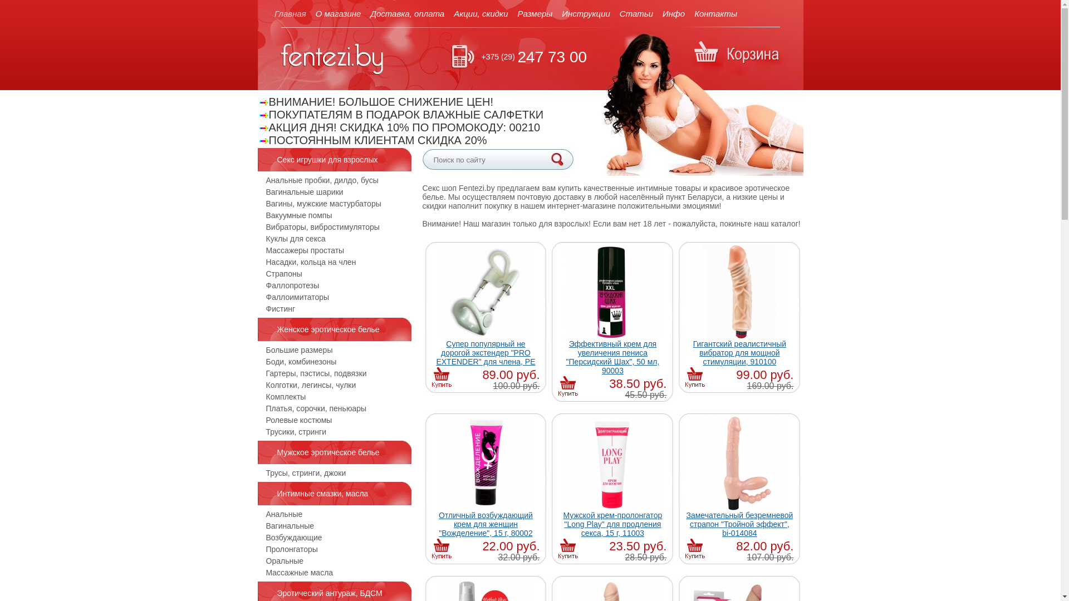  I want to click on '+375 (29)', so click(497, 56).